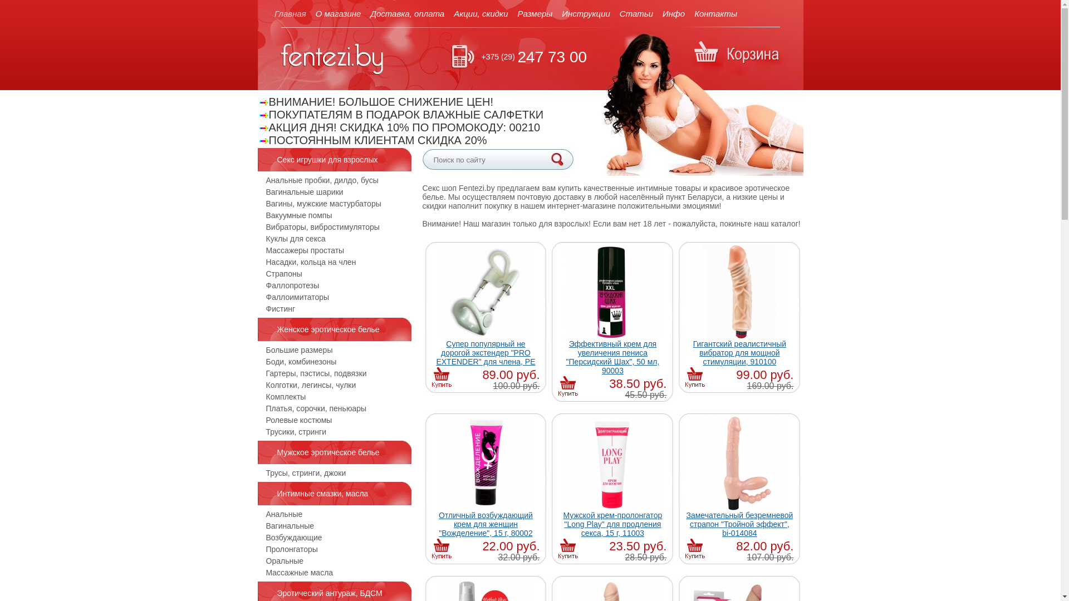  I want to click on '+375 (29)', so click(497, 56).